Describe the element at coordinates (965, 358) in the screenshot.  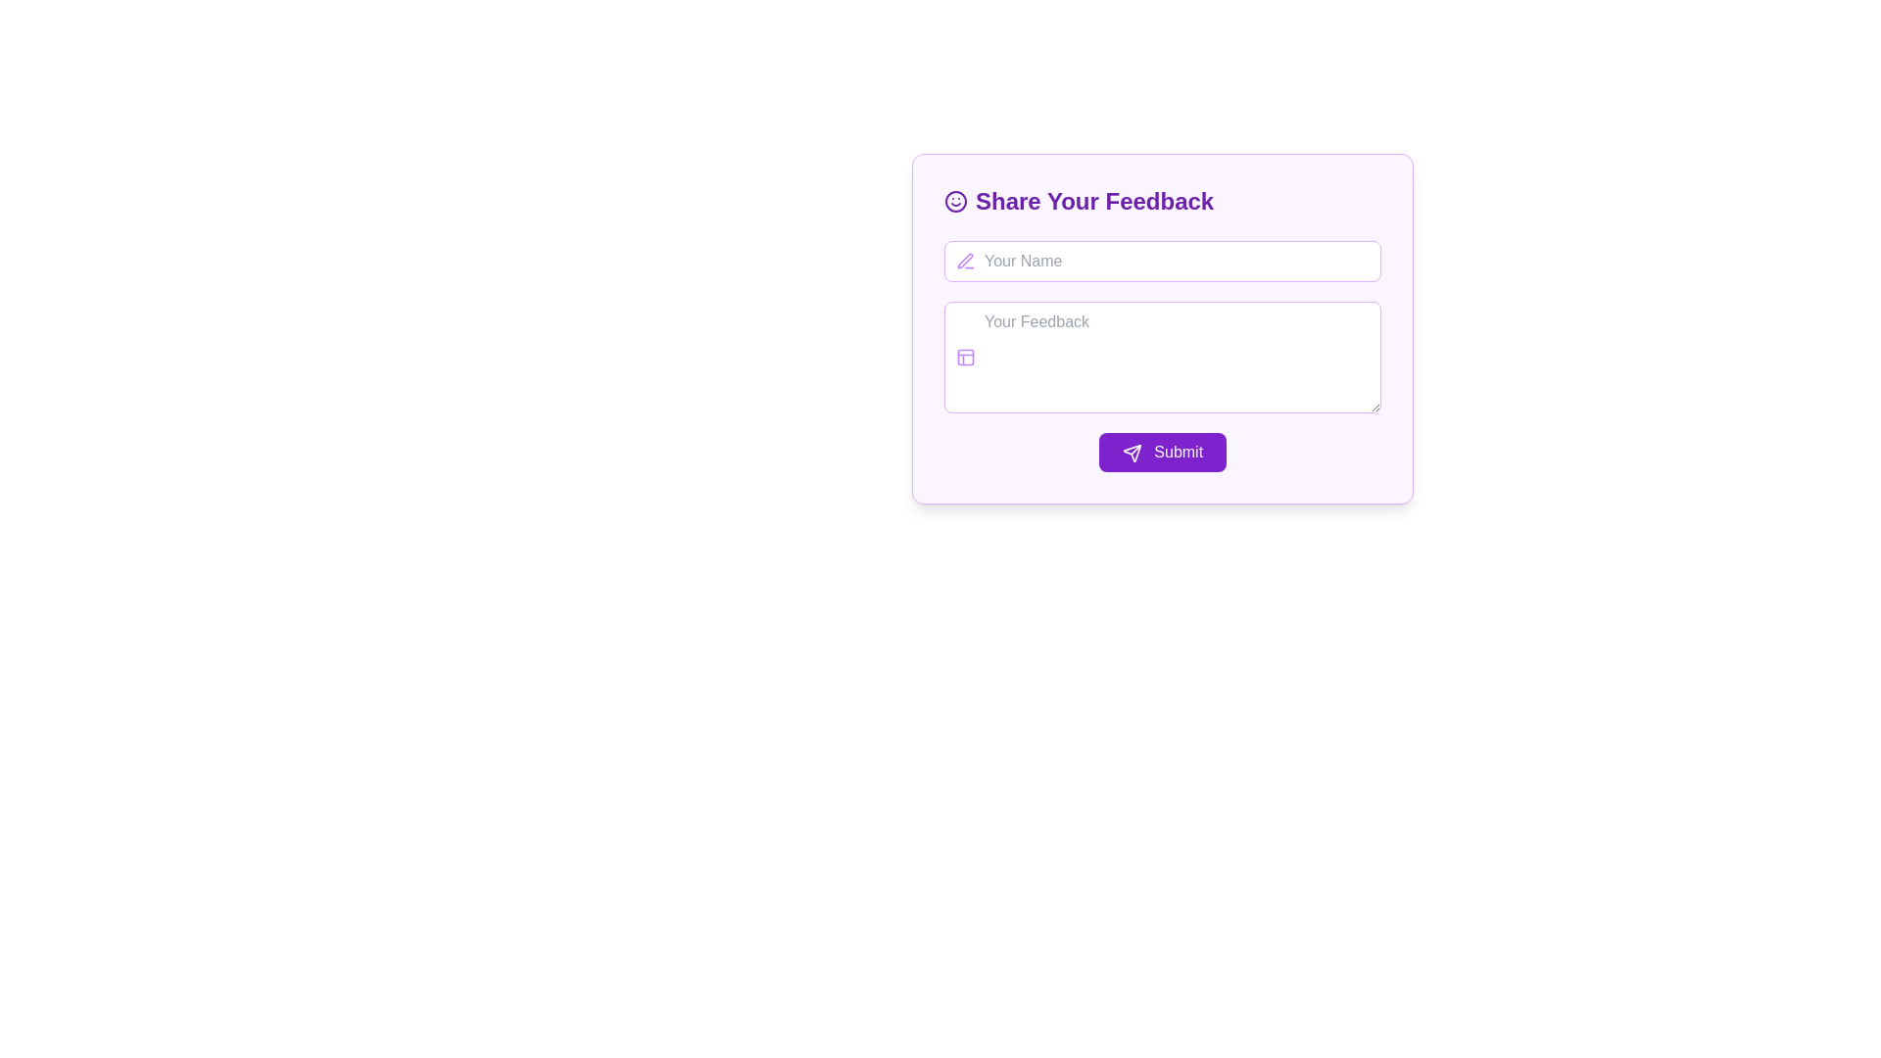
I see `the icon representation located within the feedback text area input field, positioned towards its left margin and slightly above the center vertically` at that location.